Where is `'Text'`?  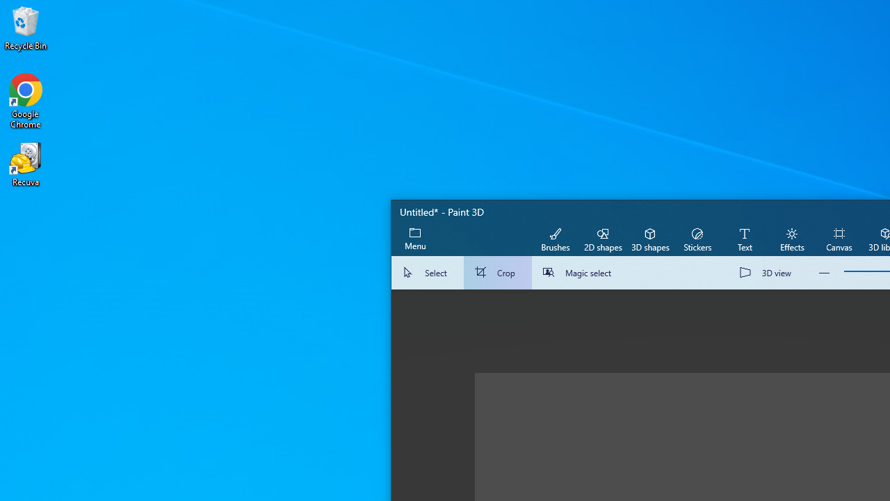 'Text' is located at coordinates (743, 238).